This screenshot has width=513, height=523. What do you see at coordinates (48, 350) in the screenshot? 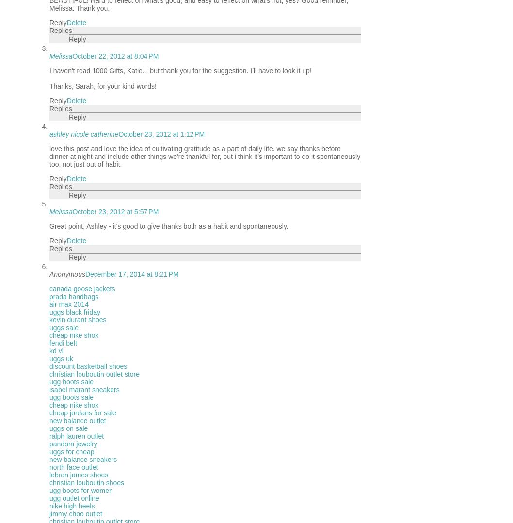
I see `'kd vi'` at bounding box center [48, 350].